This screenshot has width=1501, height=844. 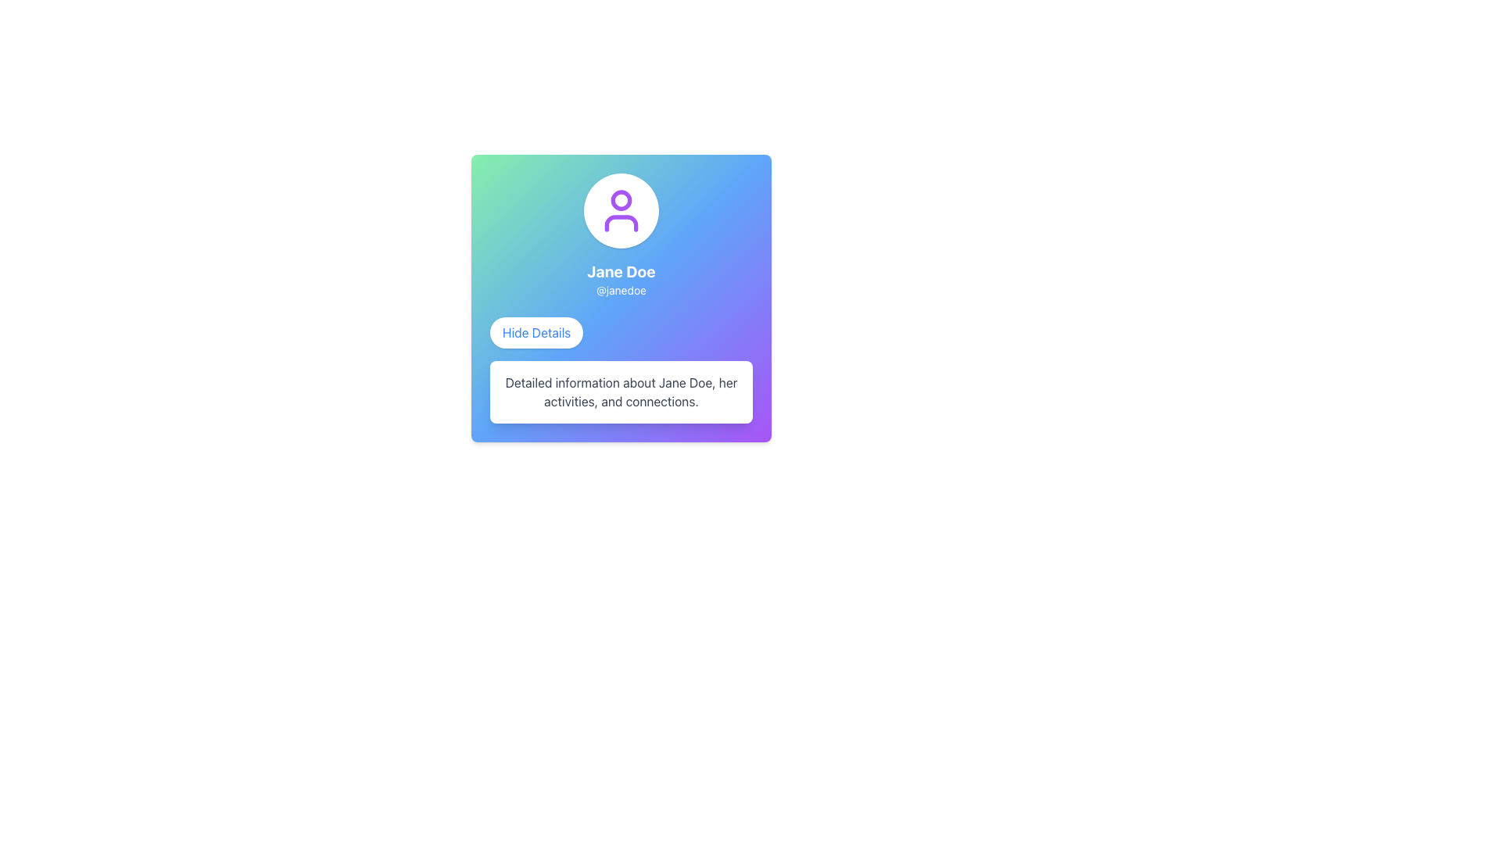 What do you see at coordinates (621, 223) in the screenshot?
I see `the semi-circular arc element within the SVG representation of a user icon, which forms the base of the figure beneath the head` at bounding box center [621, 223].